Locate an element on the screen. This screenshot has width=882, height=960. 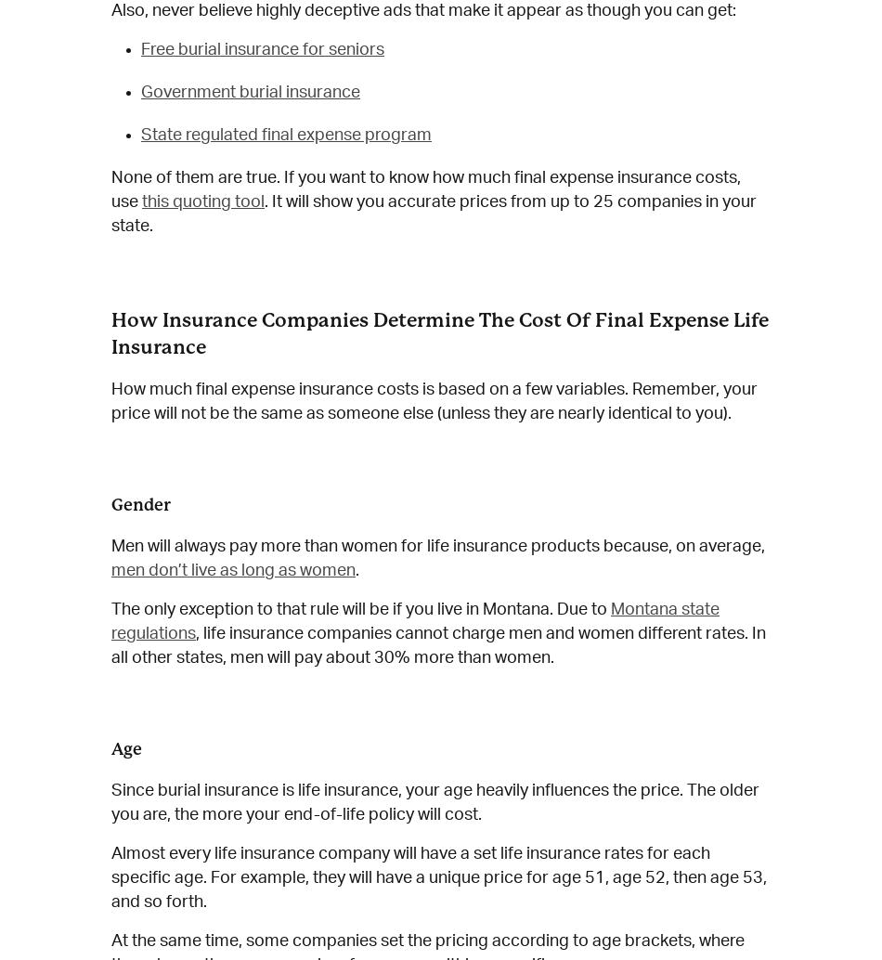
'Montana state regulations' is located at coordinates (414, 622).